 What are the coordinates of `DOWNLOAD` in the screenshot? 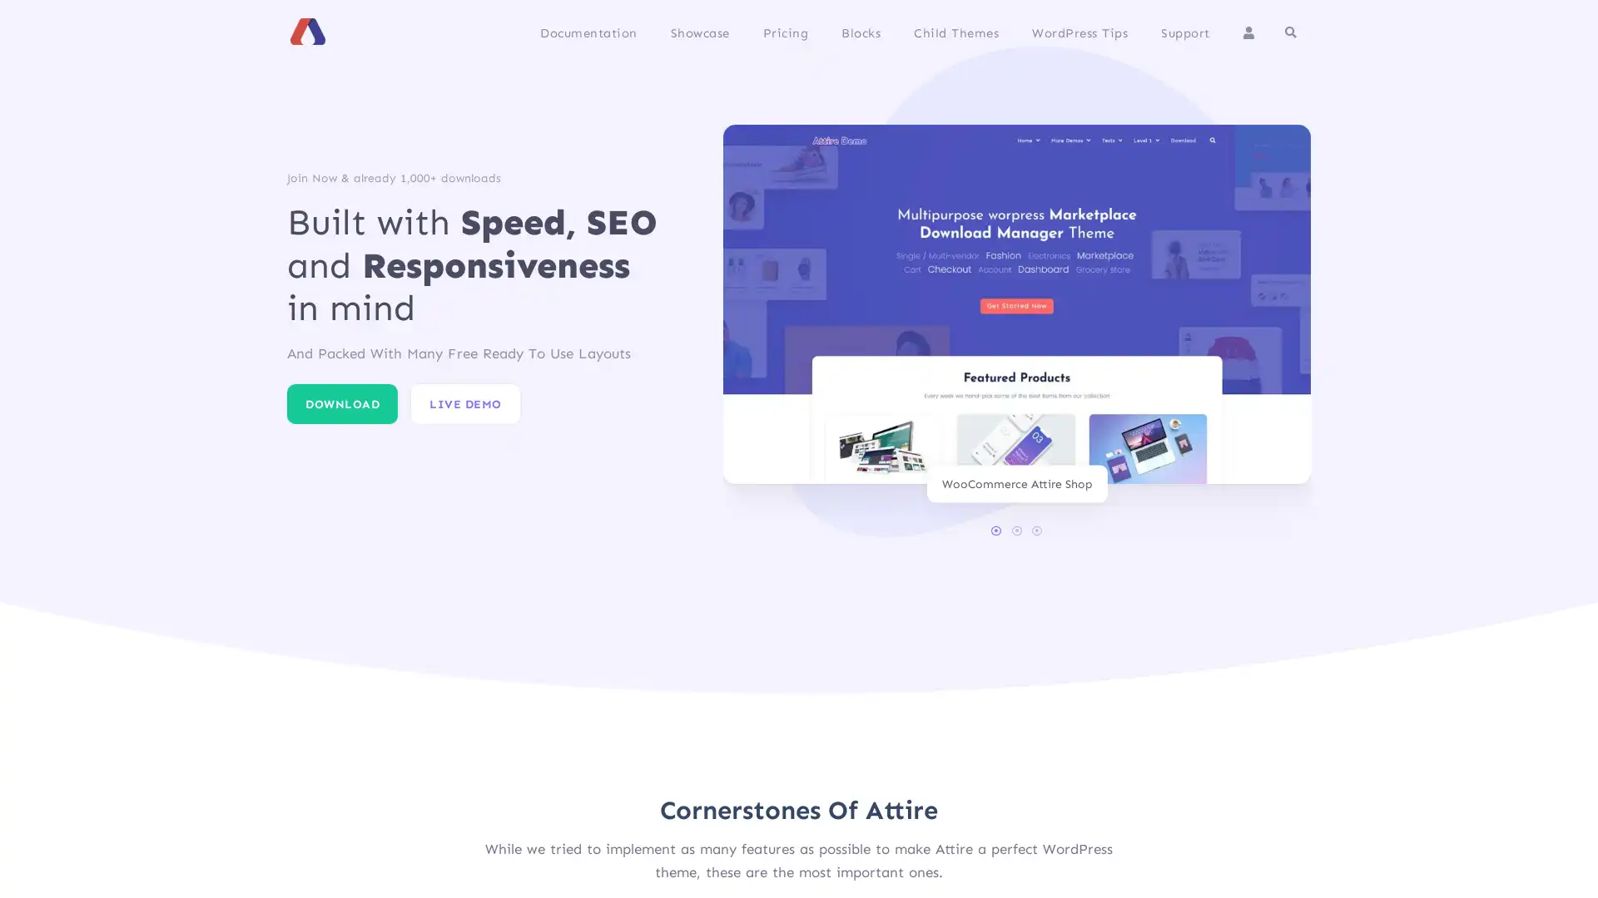 It's located at (341, 404).